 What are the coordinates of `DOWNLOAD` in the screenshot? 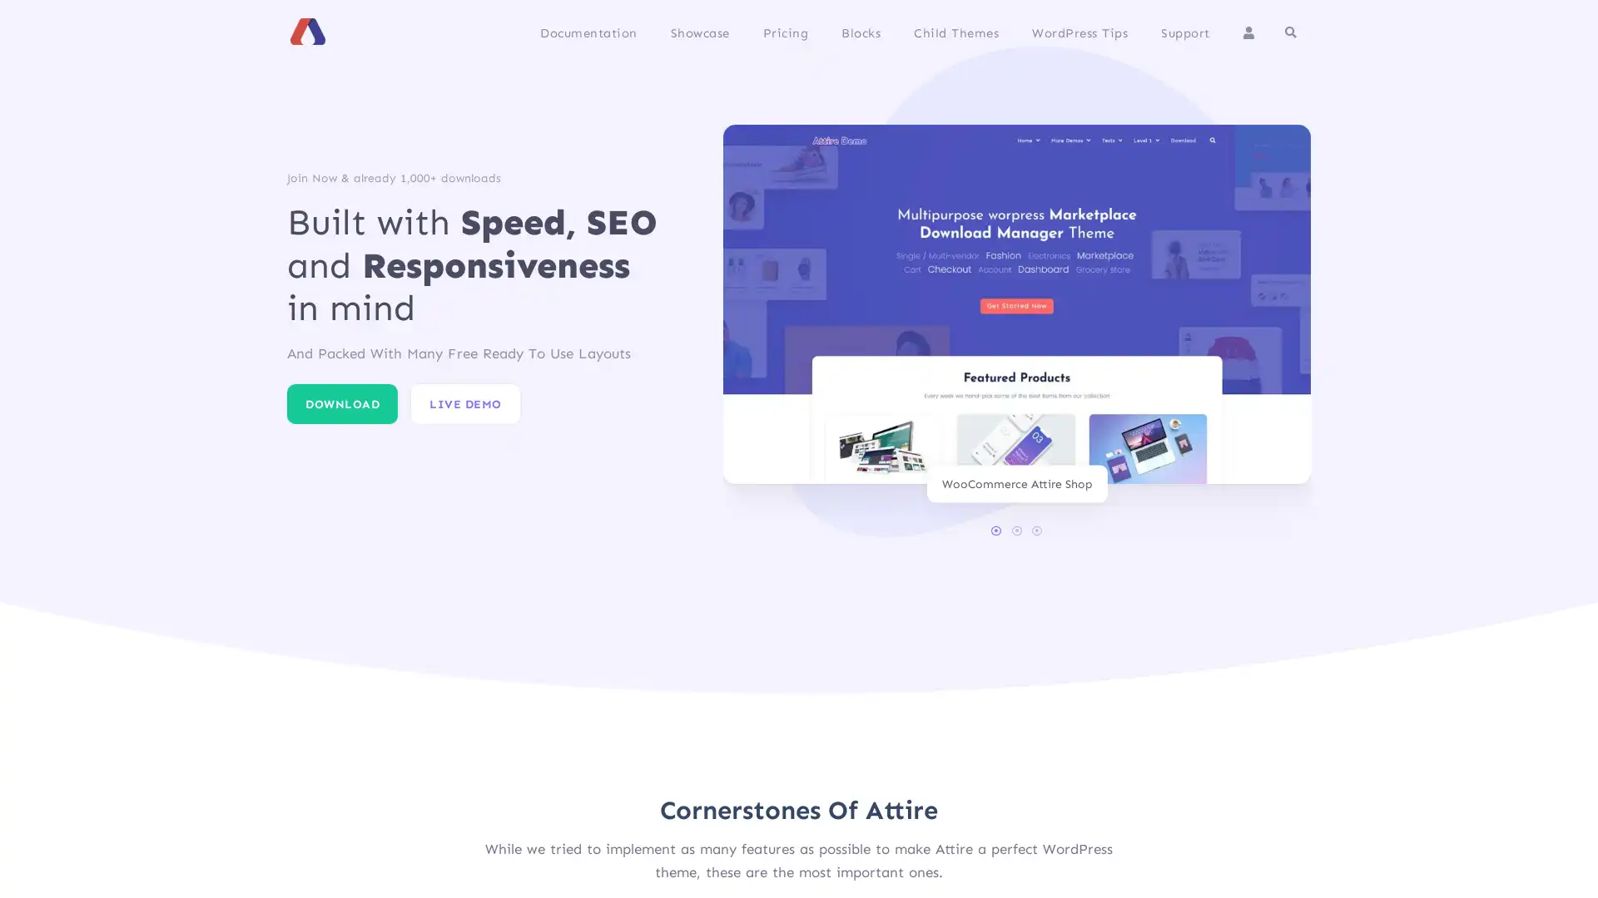 It's located at (341, 404).